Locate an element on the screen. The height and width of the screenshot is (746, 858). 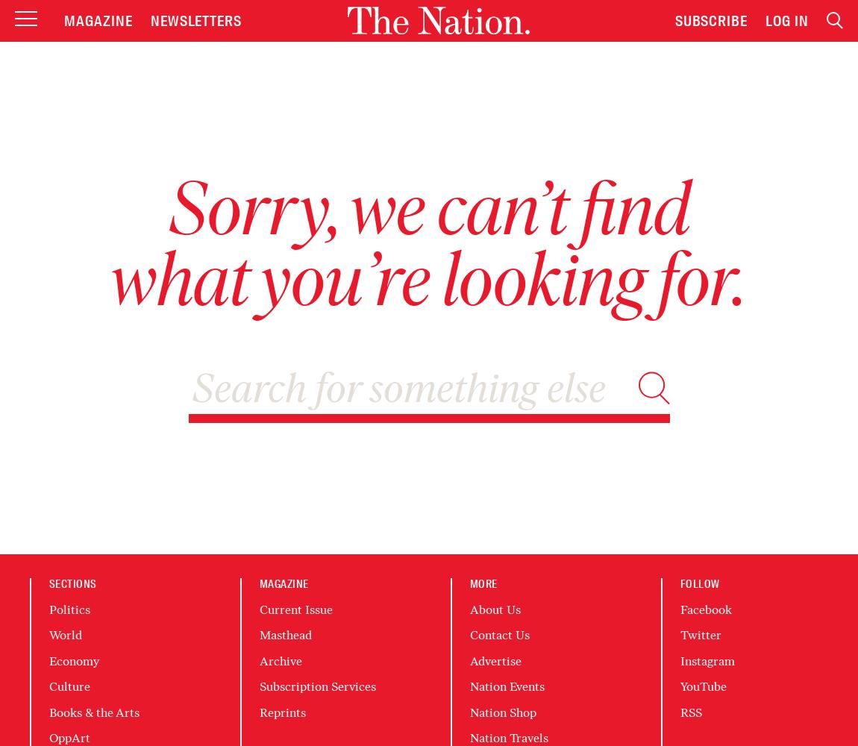
'Instagram' is located at coordinates (707, 660).